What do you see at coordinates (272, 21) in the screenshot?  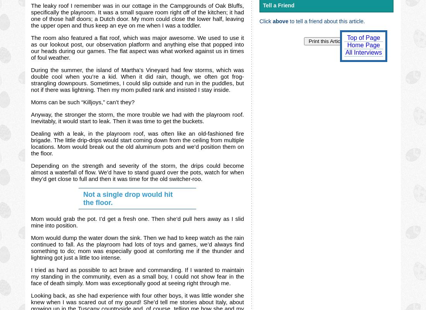 I see `'above'` at bounding box center [272, 21].